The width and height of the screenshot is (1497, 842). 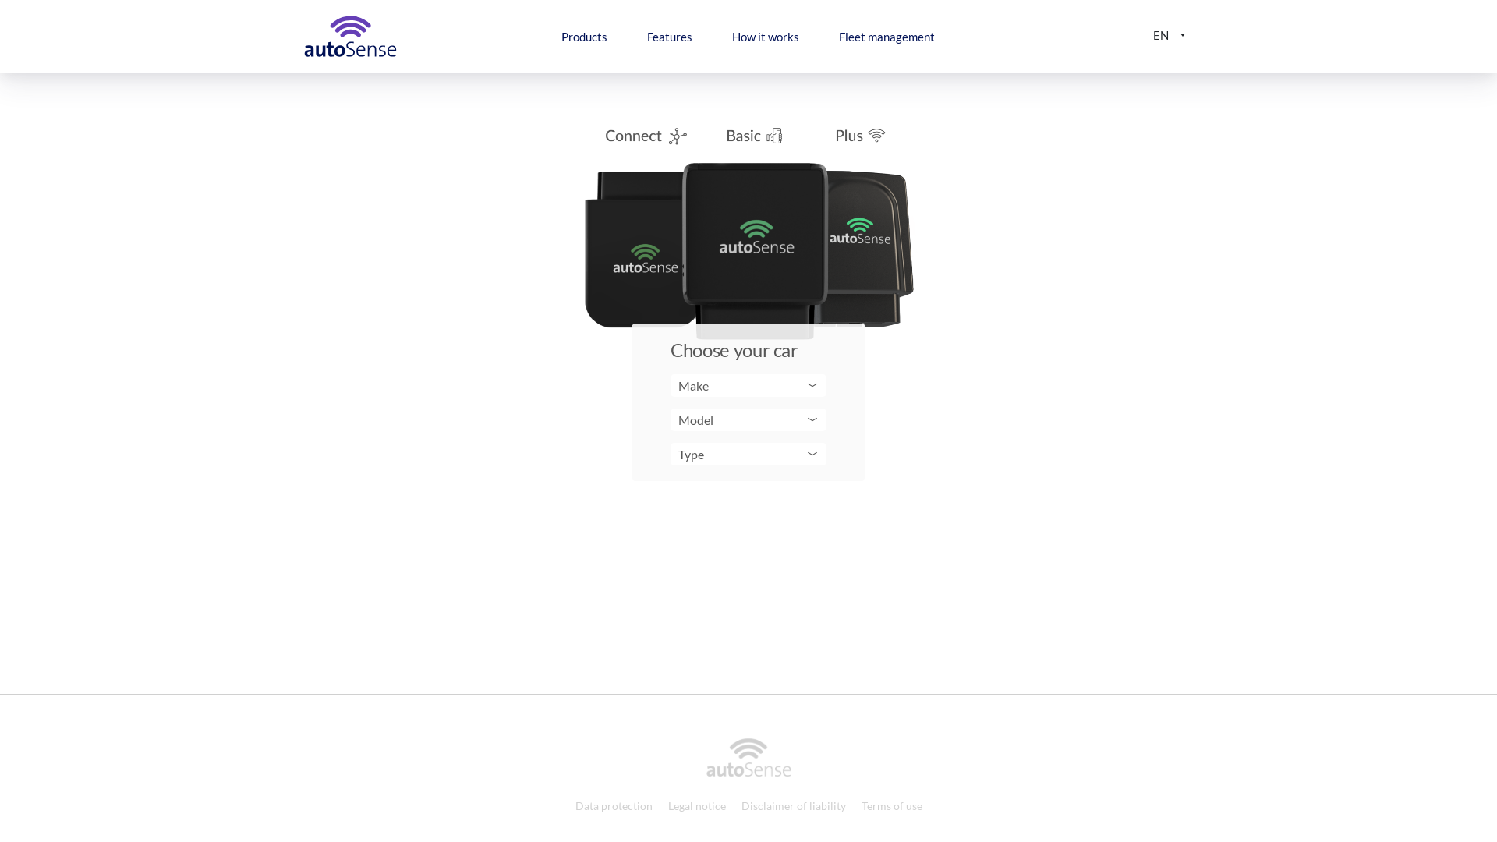 What do you see at coordinates (732, 805) in the screenshot?
I see `'Disclaimer of liability'` at bounding box center [732, 805].